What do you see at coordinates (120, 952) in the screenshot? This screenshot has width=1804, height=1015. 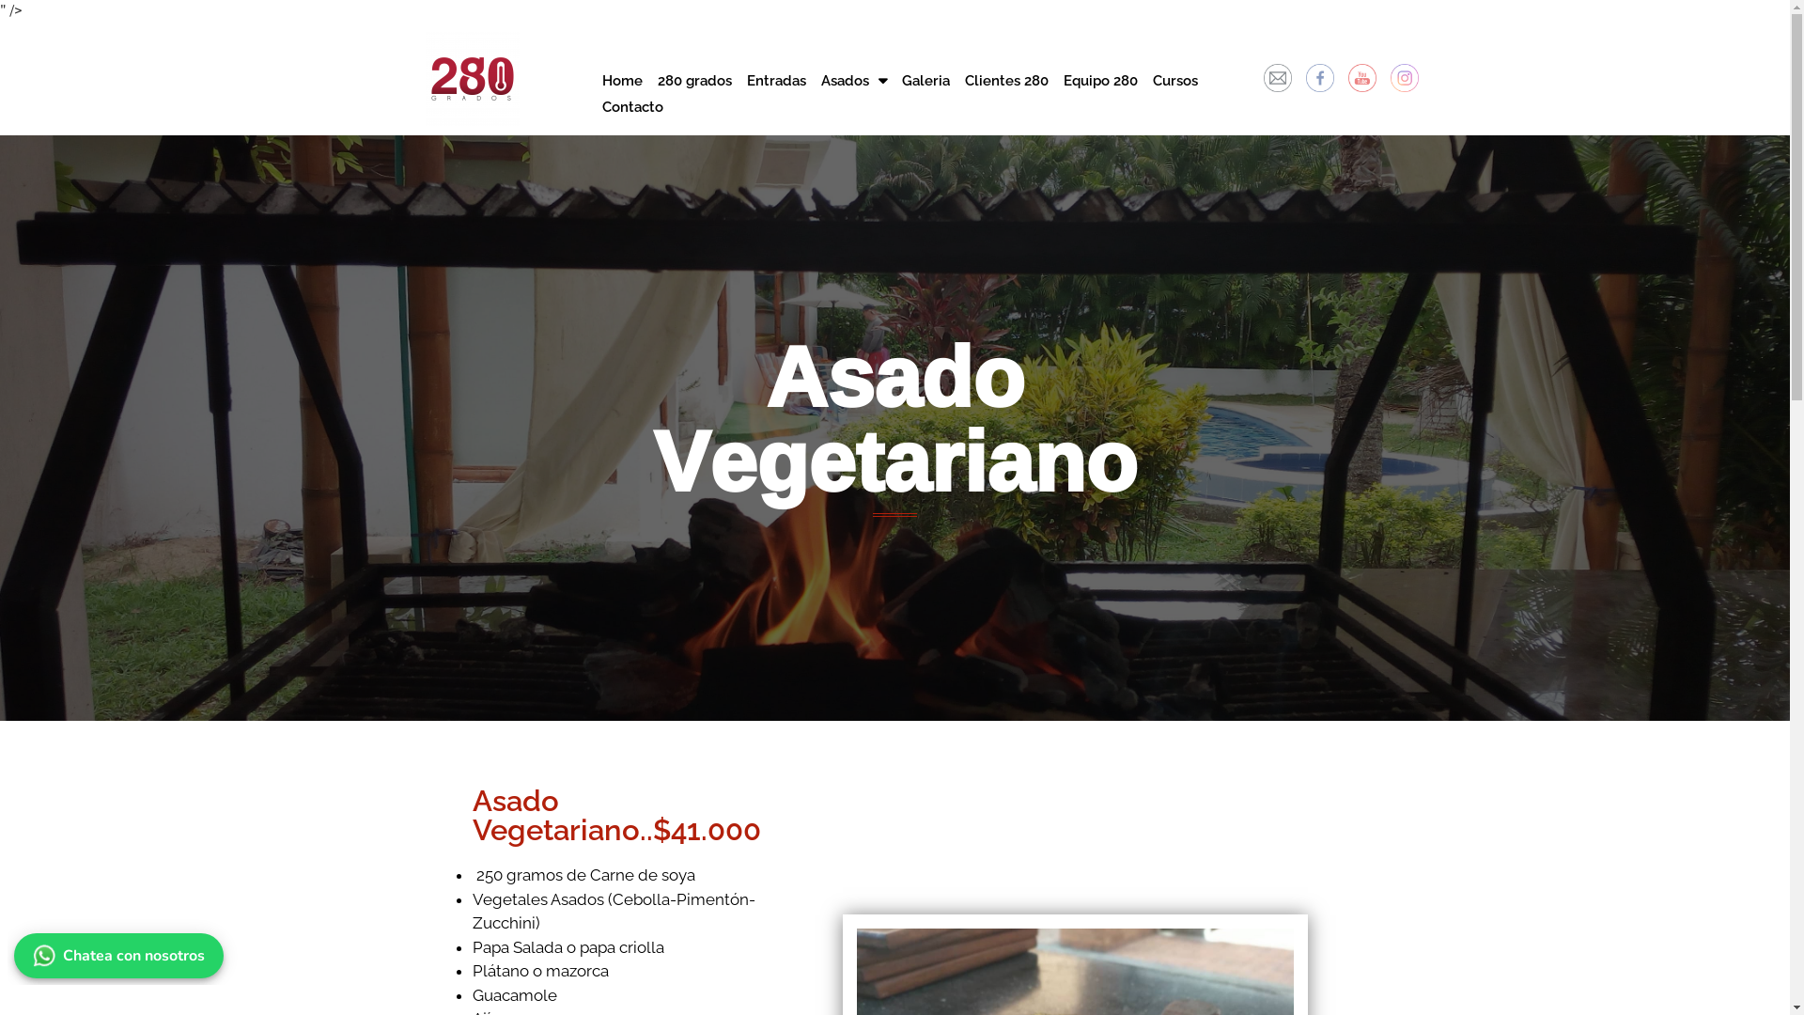 I see `'Cliengo Widget WhatsApp'` at bounding box center [120, 952].